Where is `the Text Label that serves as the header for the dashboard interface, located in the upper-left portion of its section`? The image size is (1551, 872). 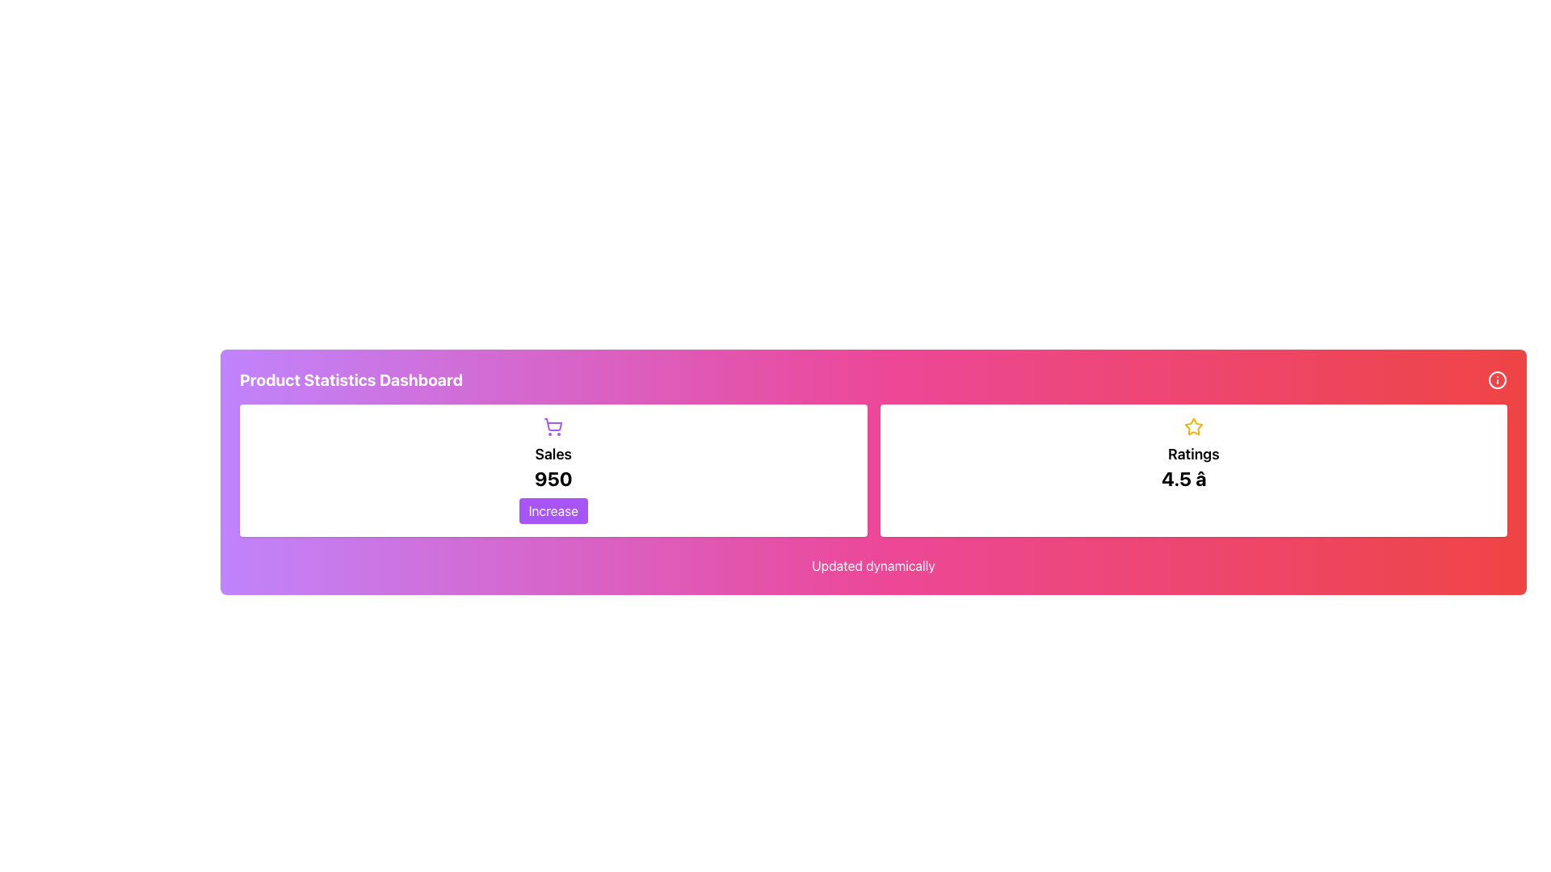
the Text Label that serves as the header for the dashboard interface, located in the upper-left portion of its section is located at coordinates (350, 379).